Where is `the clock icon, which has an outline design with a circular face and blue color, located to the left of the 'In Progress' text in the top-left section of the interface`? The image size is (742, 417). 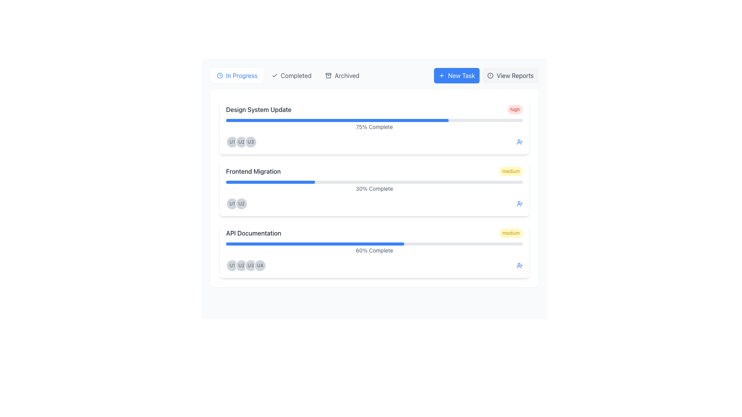 the clock icon, which has an outline design with a circular face and blue color, located to the left of the 'In Progress' text in the top-left section of the interface is located at coordinates (220, 76).